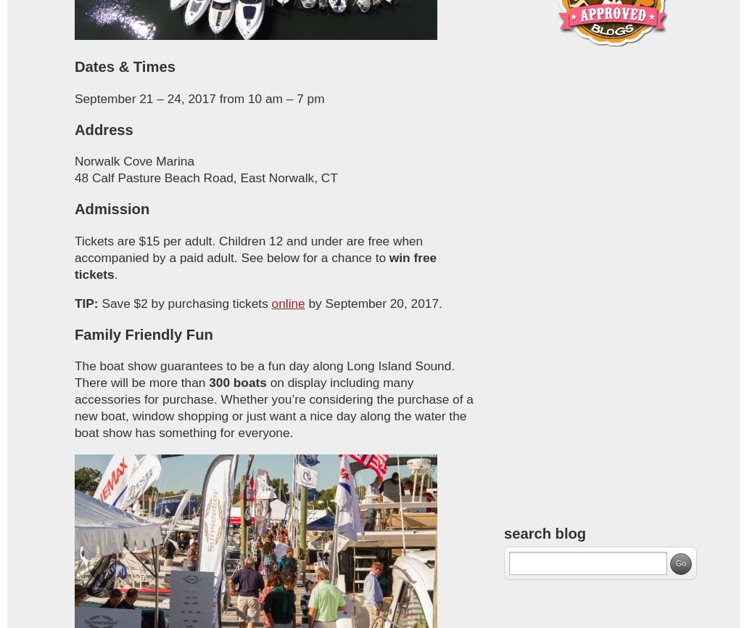 Image resolution: width=747 pixels, height=628 pixels. I want to click on 'Tickets are $15 per adult. Children 12 and under are free when accompanied by a paid adult. See below for a chance to', so click(247, 248).